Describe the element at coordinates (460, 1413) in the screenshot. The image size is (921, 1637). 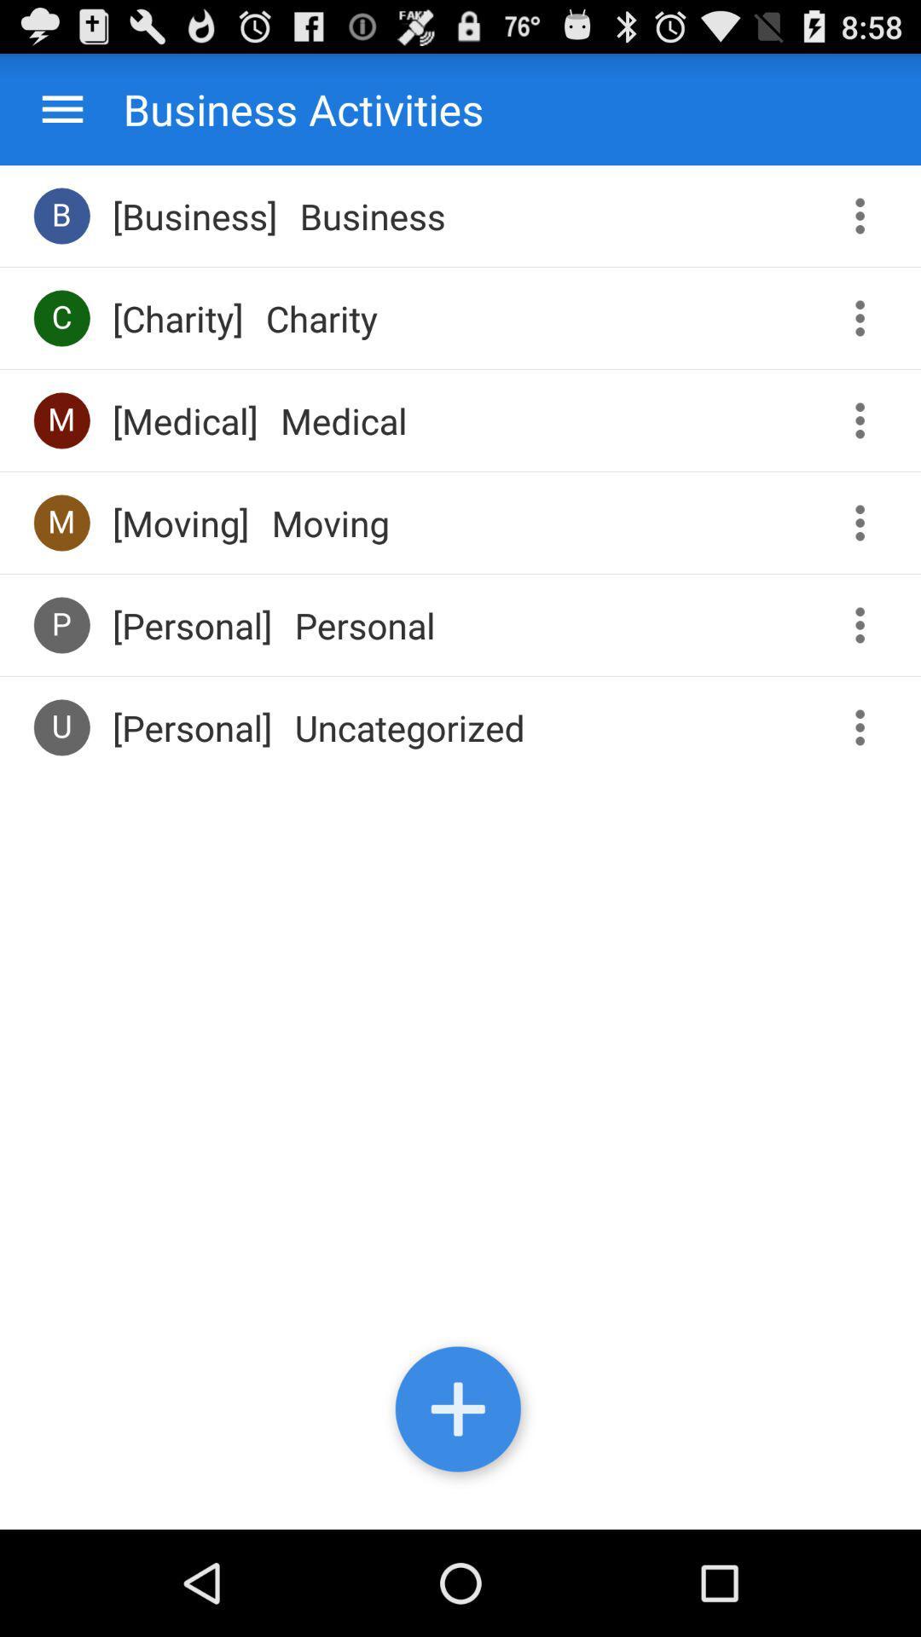
I see `item` at that location.